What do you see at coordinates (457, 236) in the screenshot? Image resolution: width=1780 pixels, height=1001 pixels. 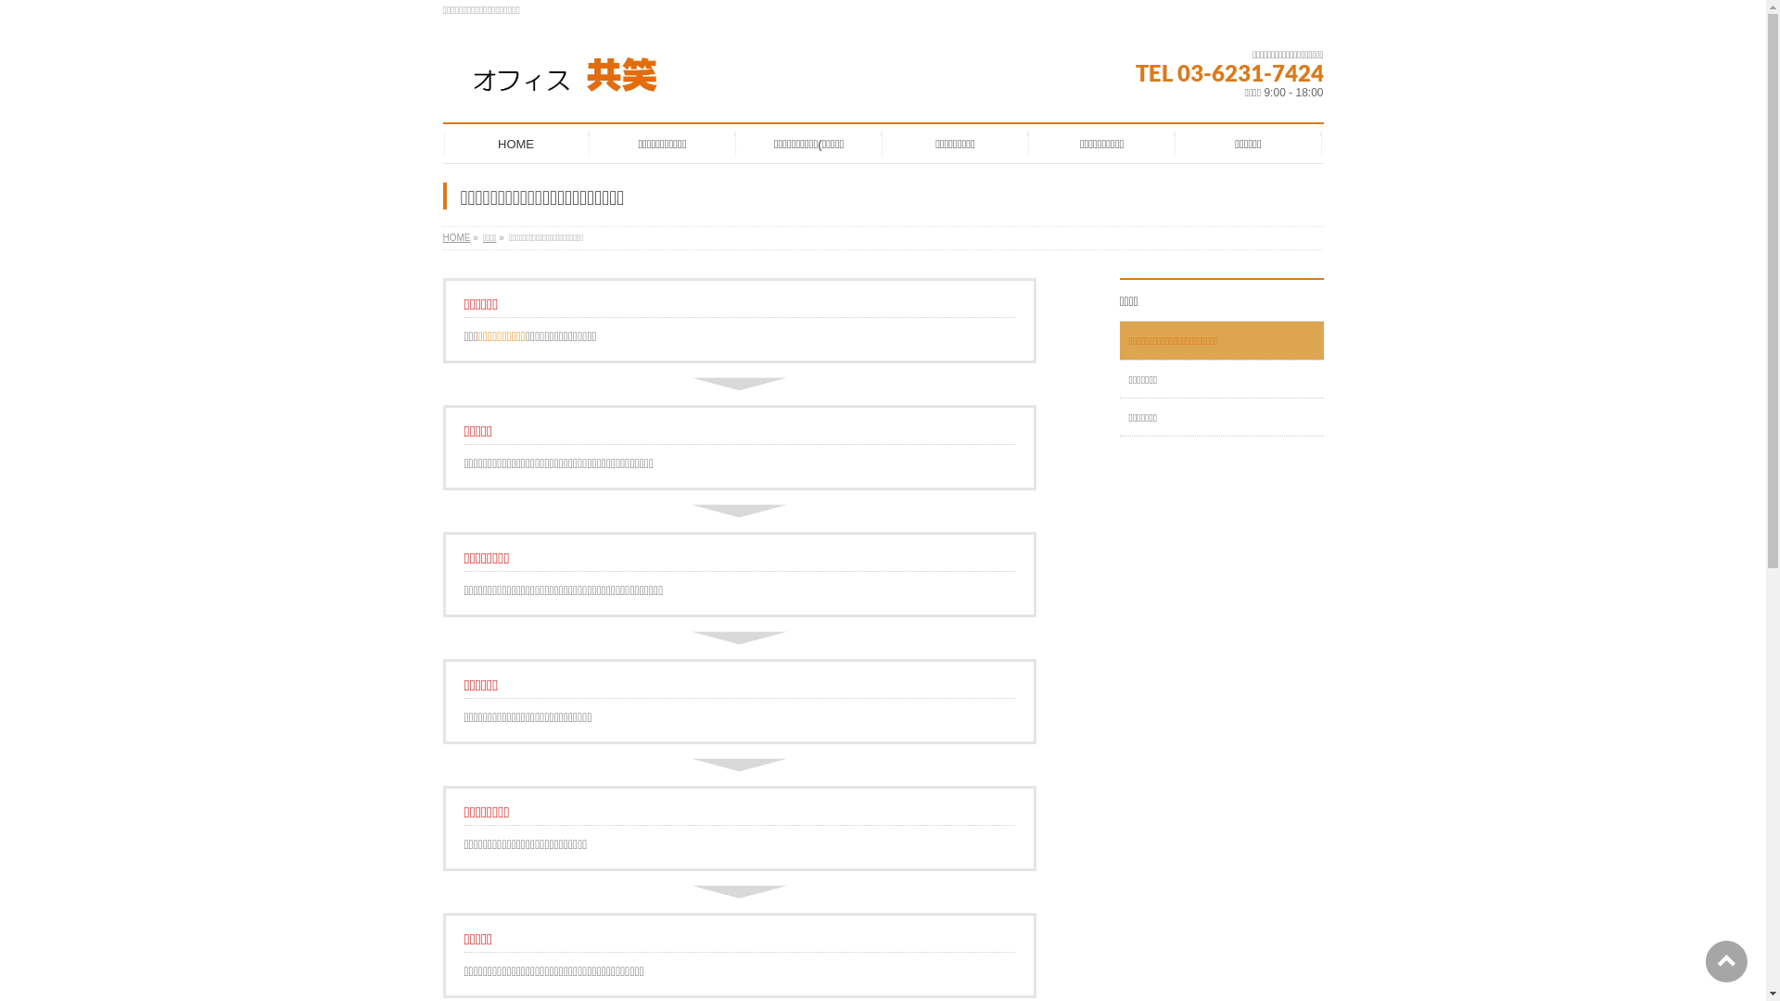 I see `'HOME'` at bounding box center [457, 236].